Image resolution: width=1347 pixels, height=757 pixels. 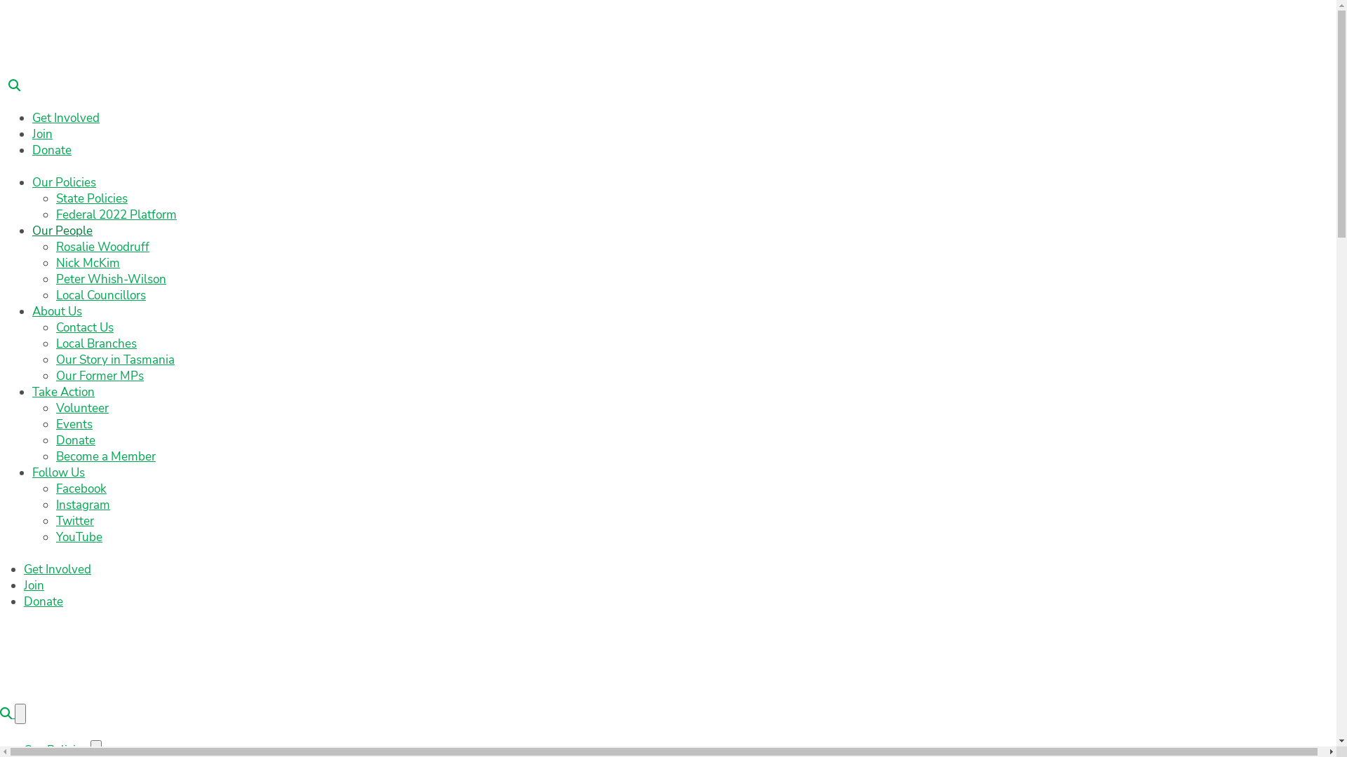 What do you see at coordinates (91, 198) in the screenshot?
I see `'State Policies'` at bounding box center [91, 198].